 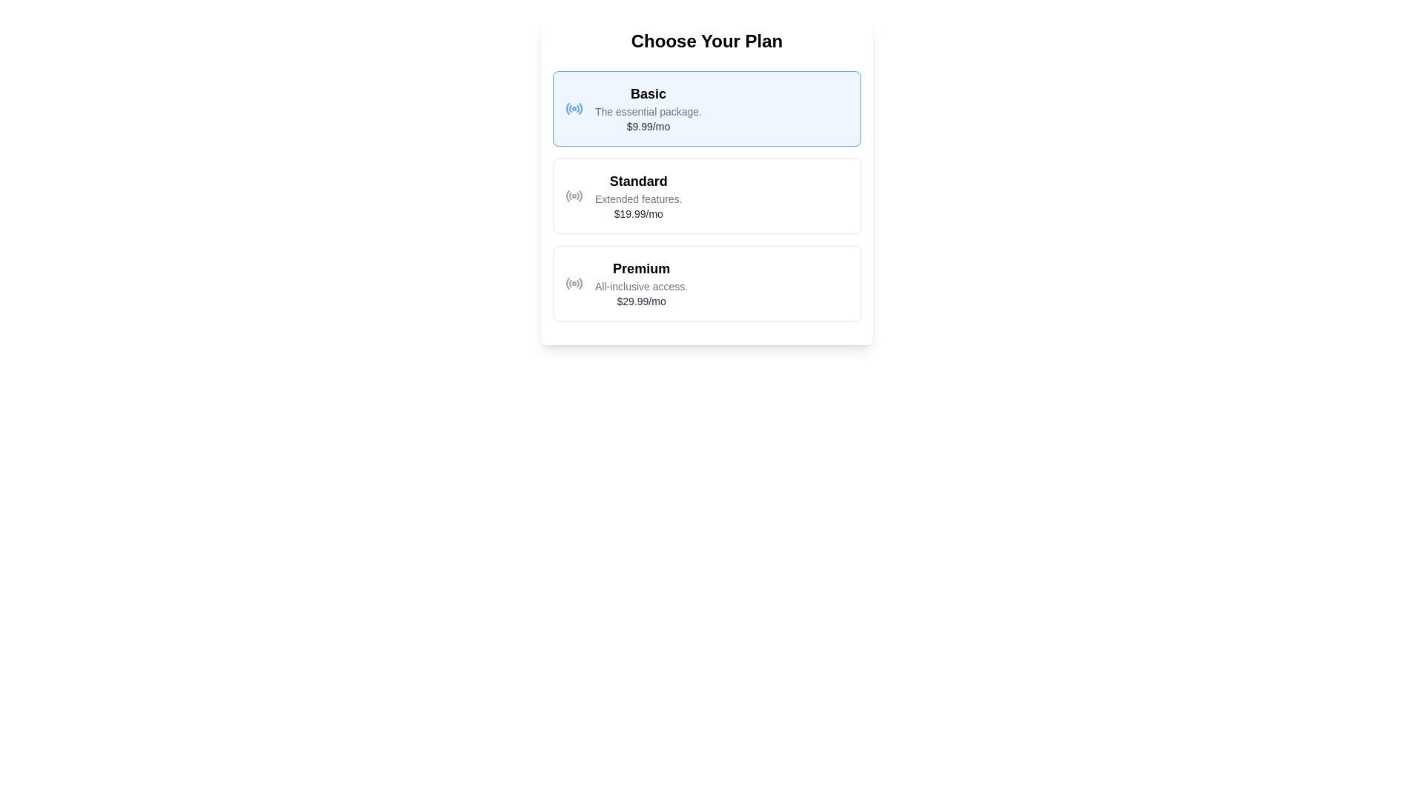 I want to click on the Premium plan option by clicking on the Descriptive Plan Information Block located in the 'Choose Your Plan' interface, so click(x=641, y=283).